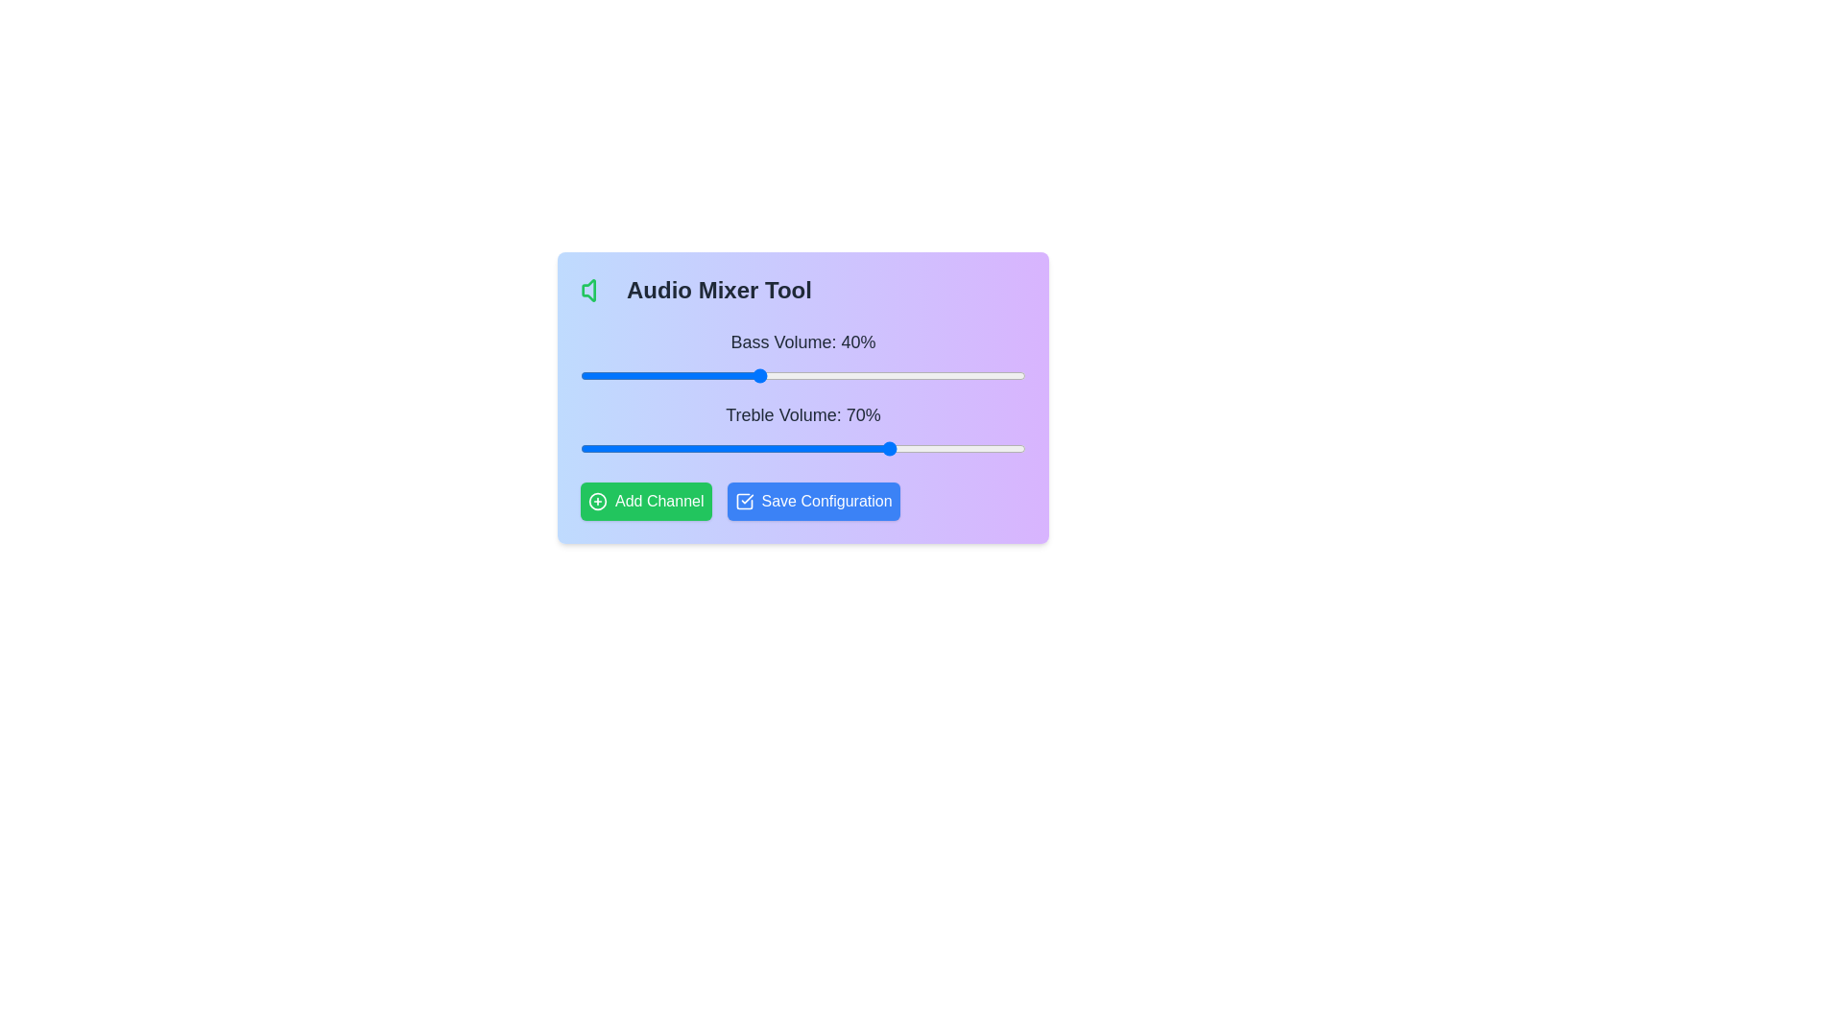  Describe the element at coordinates (749, 376) in the screenshot. I see `the slider` at that location.